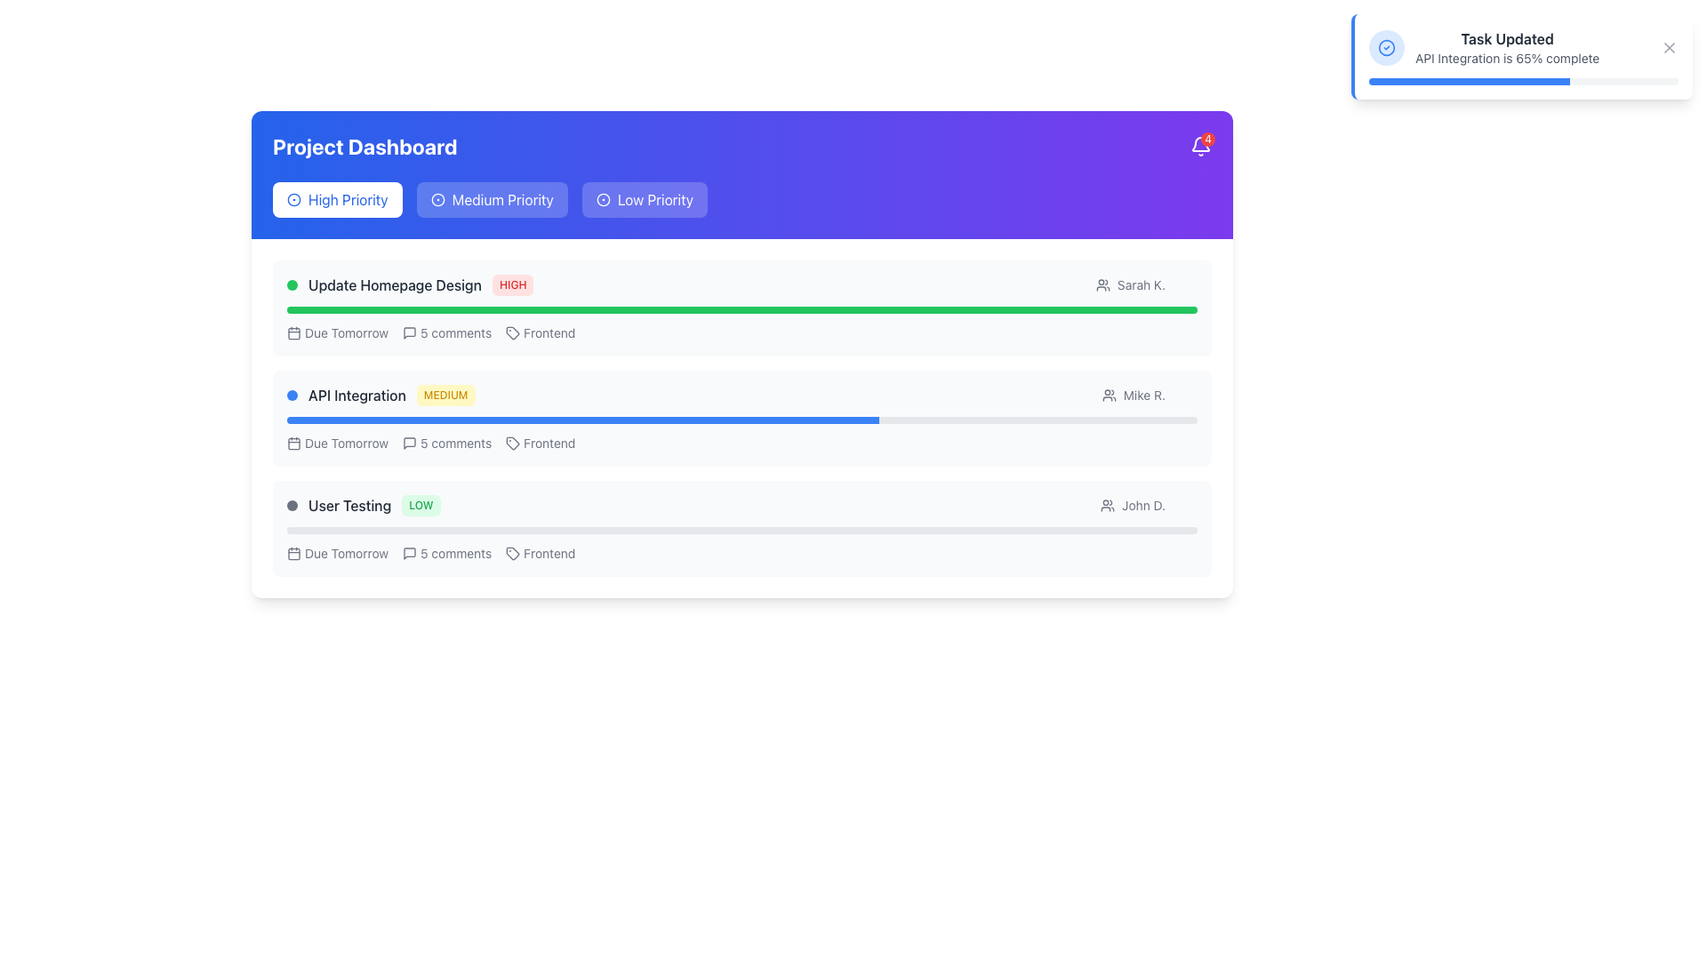 This screenshot has width=1707, height=960. I want to click on the red circular badge displaying the number '4' at the top-right corner of the notification bell icon, so click(1207, 139).